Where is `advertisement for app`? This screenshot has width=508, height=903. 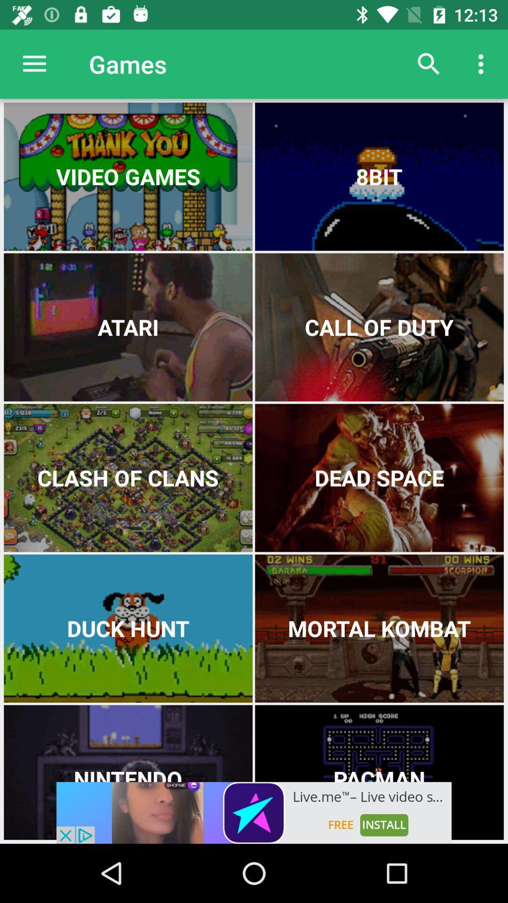 advertisement for app is located at coordinates (254, 812).